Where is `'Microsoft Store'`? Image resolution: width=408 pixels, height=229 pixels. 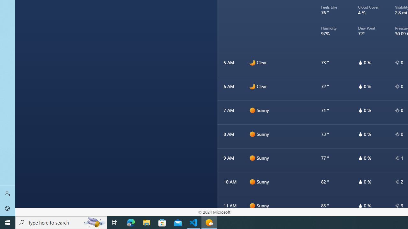 'Microsoft Store' is located at coordinates (162, 222).